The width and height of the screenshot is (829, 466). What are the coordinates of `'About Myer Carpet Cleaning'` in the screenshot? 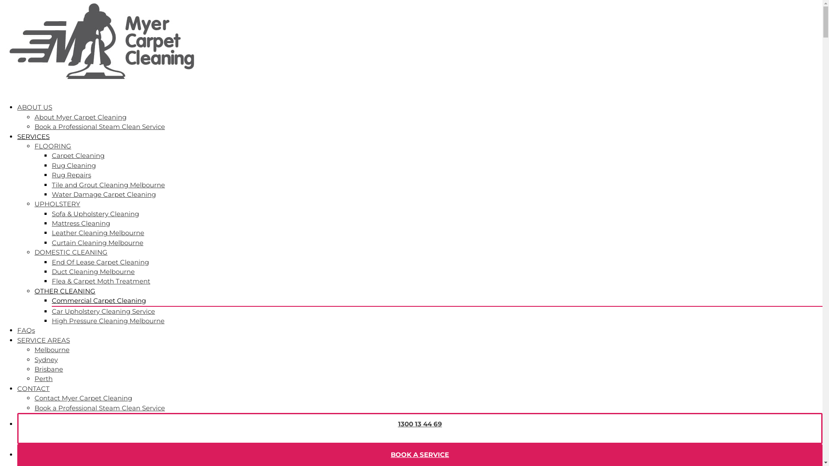 It's located at (80, 117).